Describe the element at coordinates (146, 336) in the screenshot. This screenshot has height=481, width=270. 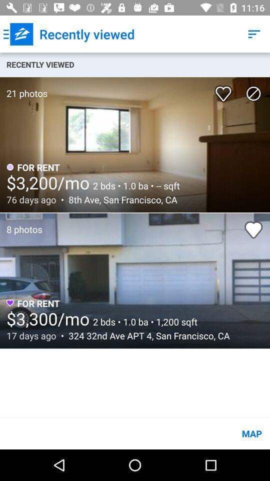
I see `324 32nd ave` at that location.